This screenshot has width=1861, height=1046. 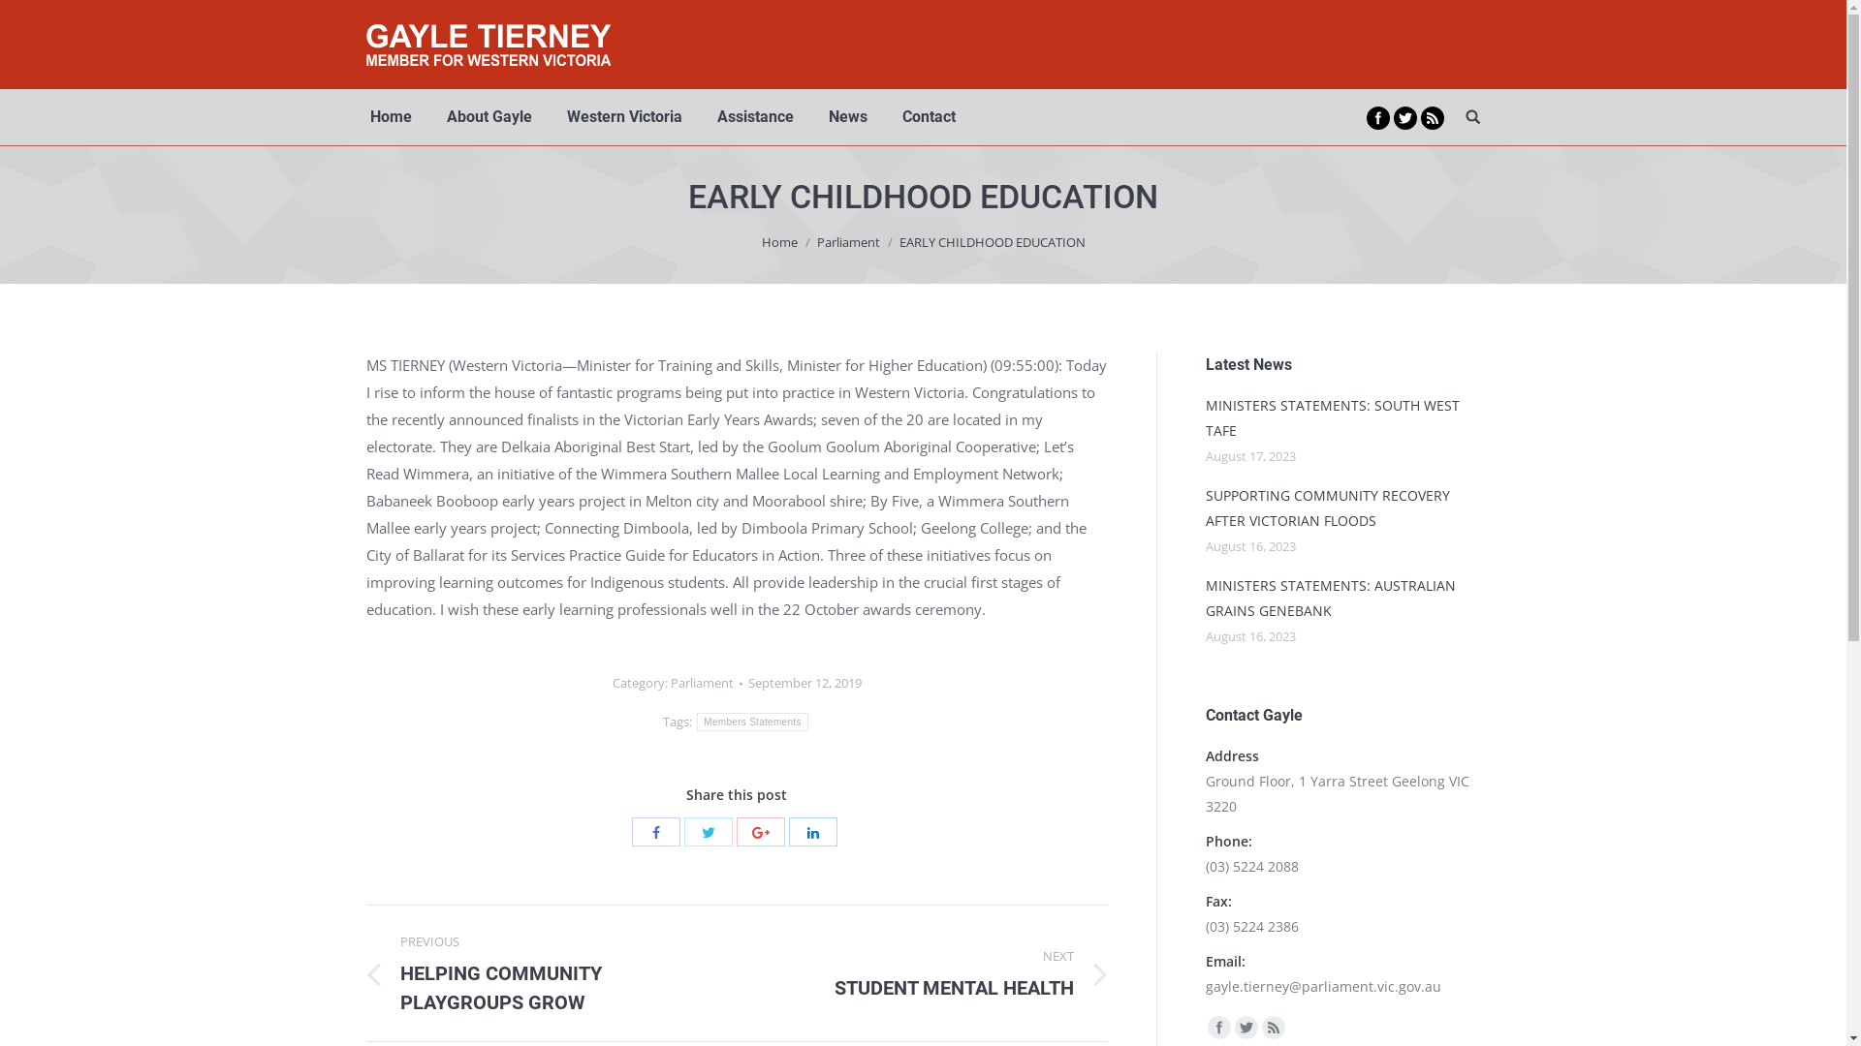 What do you see at coordinates (751, 722) in the screenshot?
I see `'Members Statements'` at bounding box center [751, 722].